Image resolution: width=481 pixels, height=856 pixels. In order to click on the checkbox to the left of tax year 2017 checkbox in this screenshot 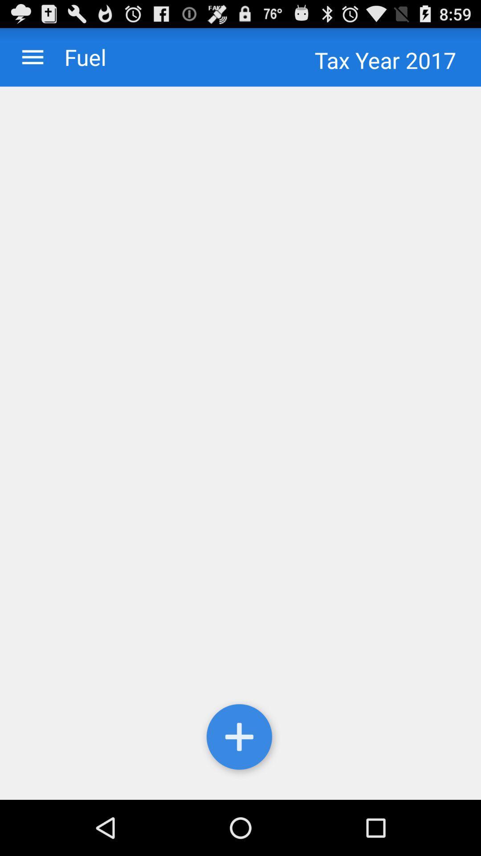, I will do `click(76, 57)`.